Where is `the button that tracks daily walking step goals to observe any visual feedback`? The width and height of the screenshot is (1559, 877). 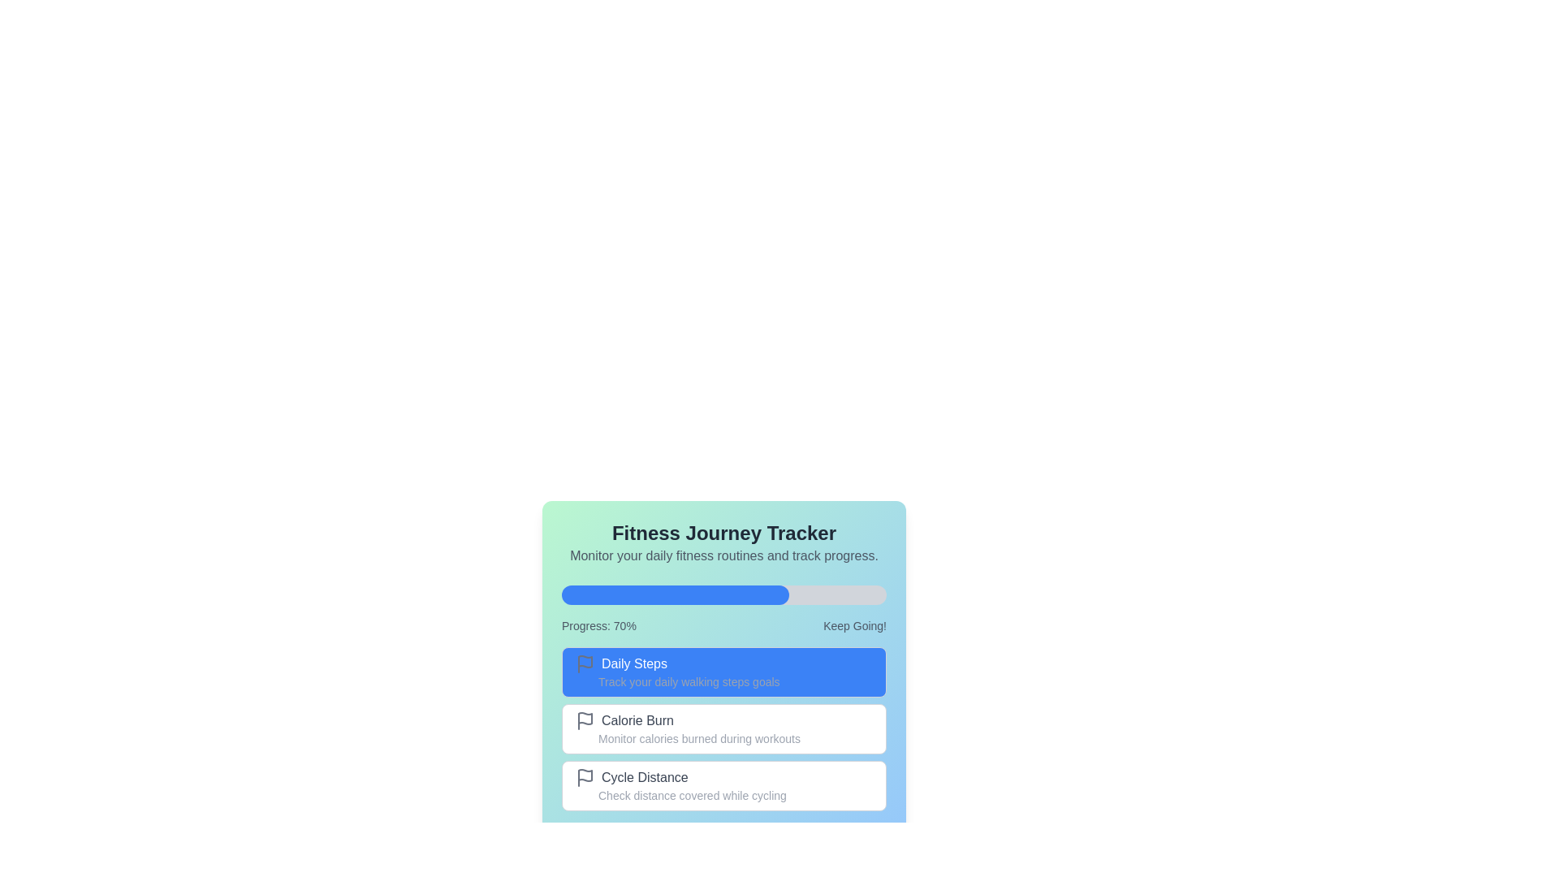
the button that tracks daily walking step goals to observe any visual feedback is located at coordinates (723, 672).